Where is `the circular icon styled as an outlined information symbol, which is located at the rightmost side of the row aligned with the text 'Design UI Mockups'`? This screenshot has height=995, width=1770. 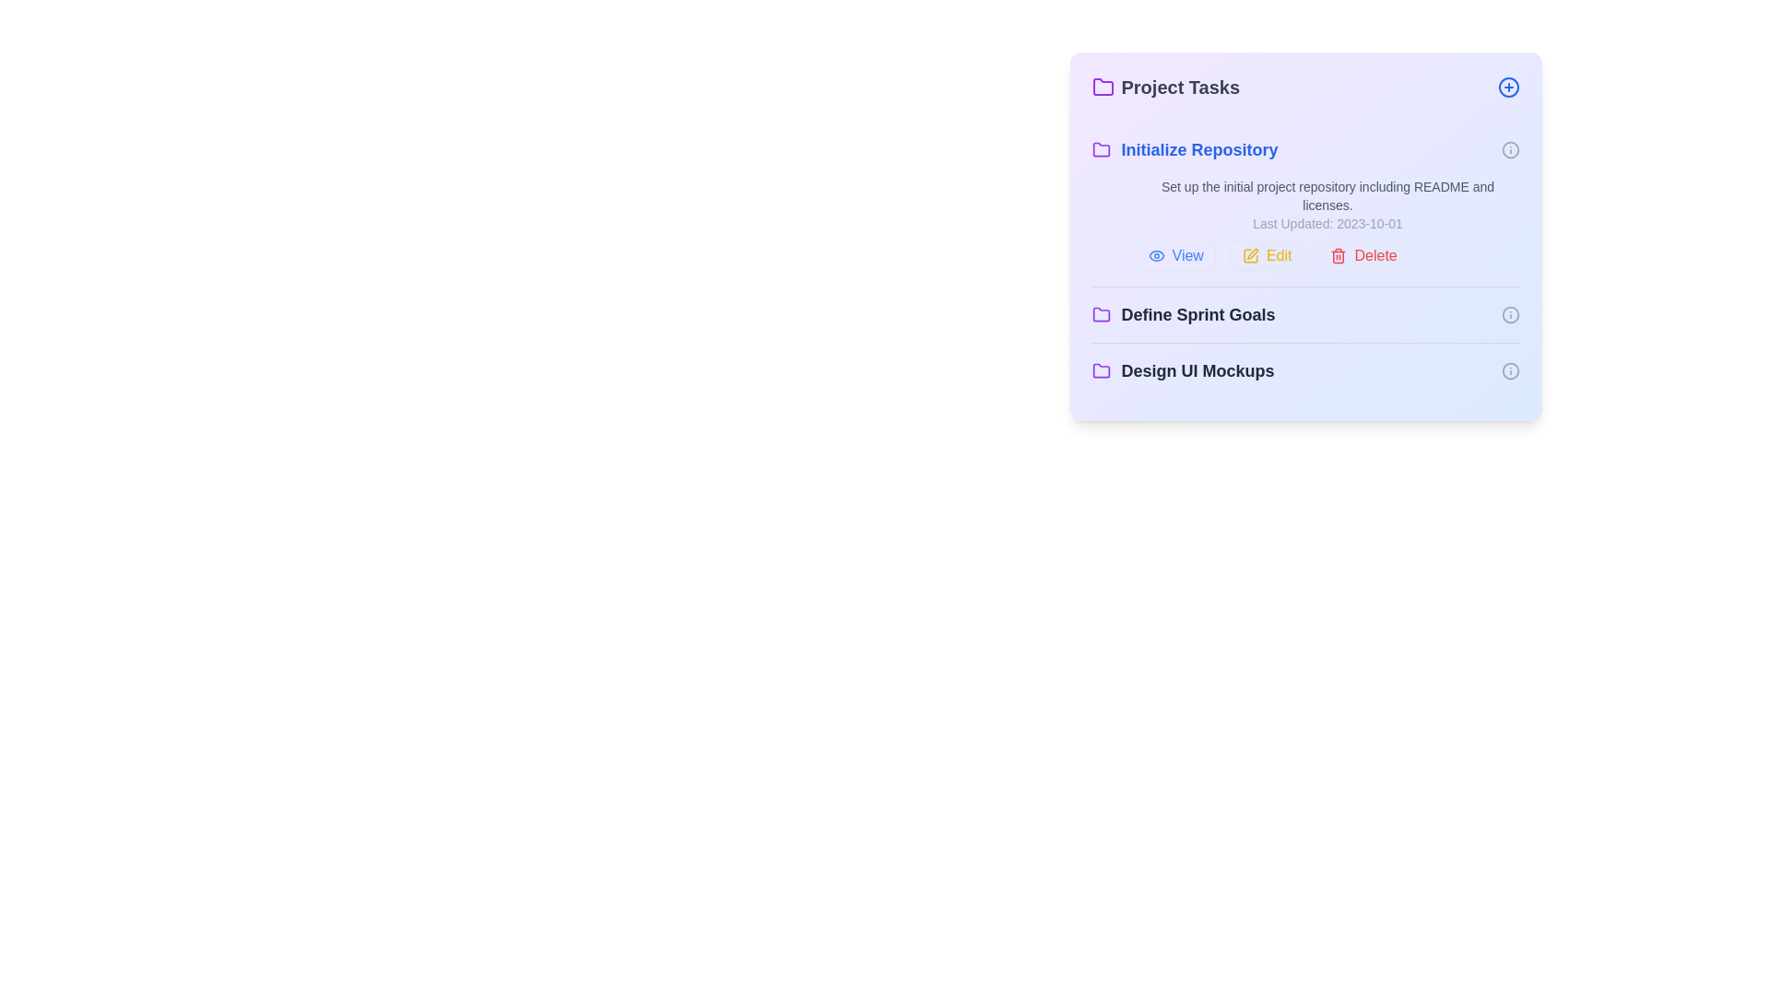 the circular icon styled as an outlined information symbol, which is located at the rightmost side of the row aligned with the text 'Design UI Mockups' is located at coordinates (1510, 370).